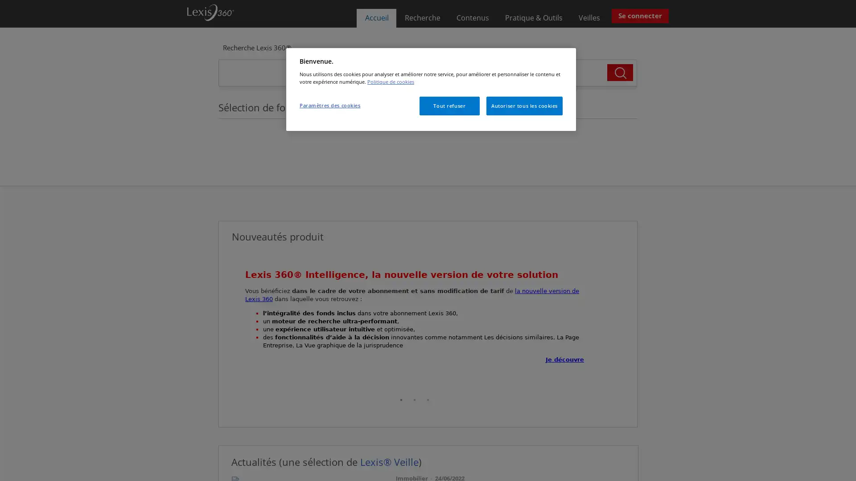  Describe the element at coordinates (329, 104) in the screenshot. I see `Parametres des cookies` at that location.